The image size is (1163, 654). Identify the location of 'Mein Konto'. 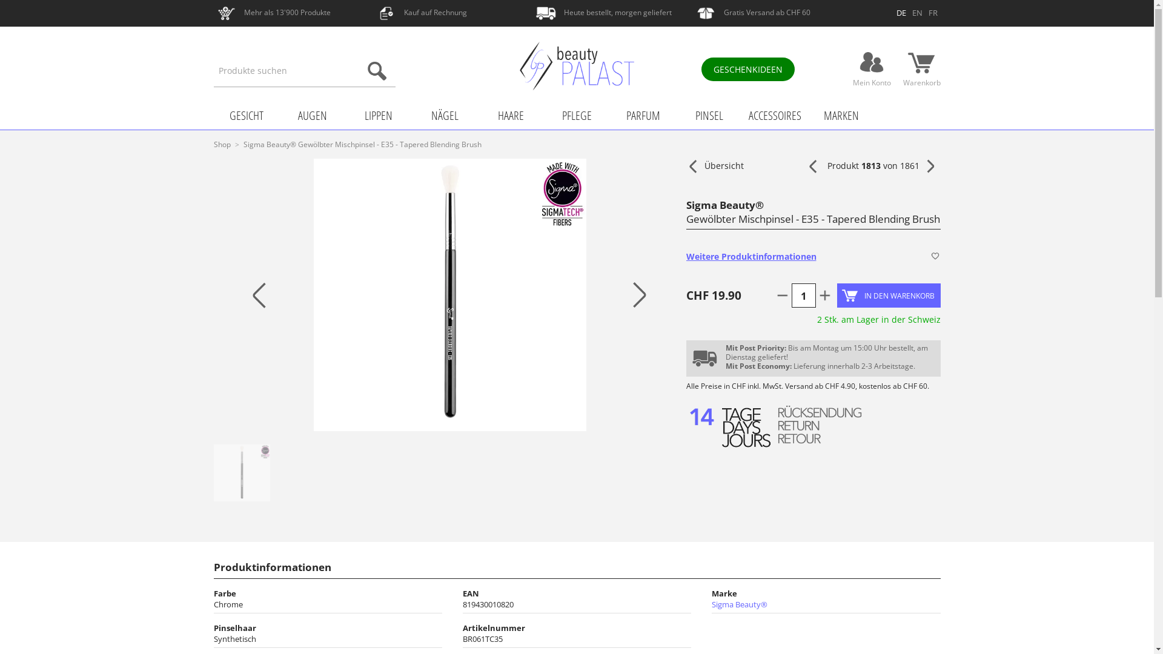
(871, 63).